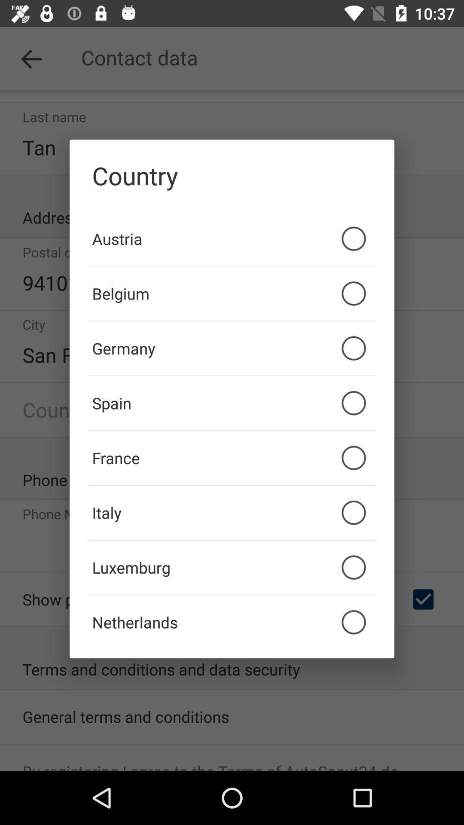  Describe the element at coordinates (232, 403) in the screenshot. I see `the spain item` at that location.